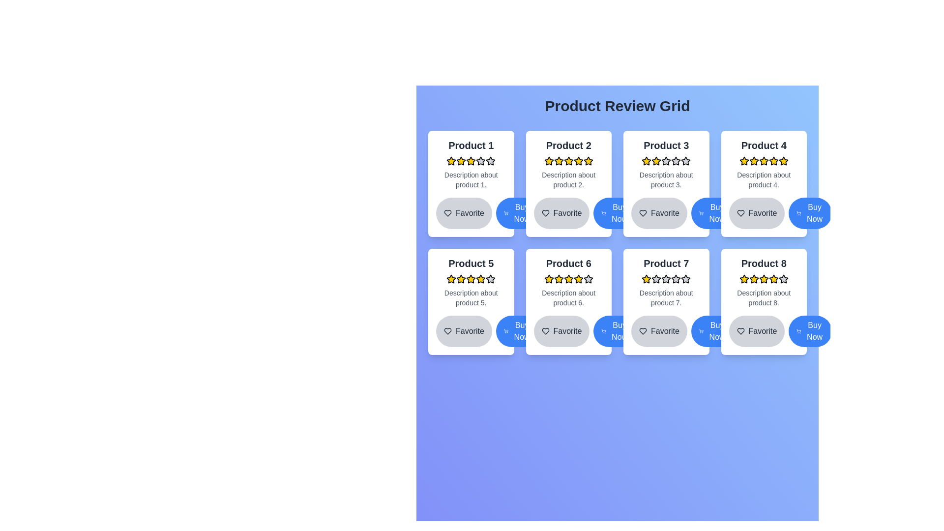  I want to click on the fifth star rating icon in the grid view, so click(559, 160).